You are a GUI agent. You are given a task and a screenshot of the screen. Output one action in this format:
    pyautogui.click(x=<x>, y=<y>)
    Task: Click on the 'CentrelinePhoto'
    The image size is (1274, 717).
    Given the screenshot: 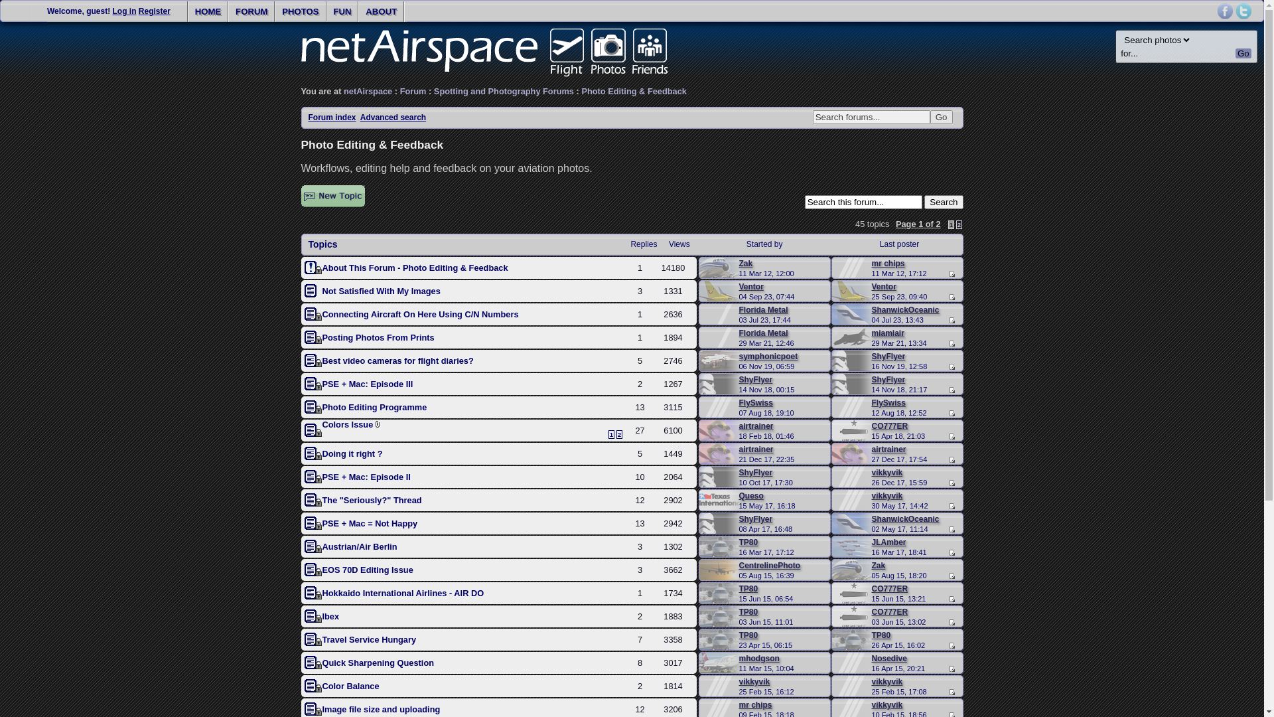 What is the action you would take?
    pyautogui.click(x=770, y=566)
    